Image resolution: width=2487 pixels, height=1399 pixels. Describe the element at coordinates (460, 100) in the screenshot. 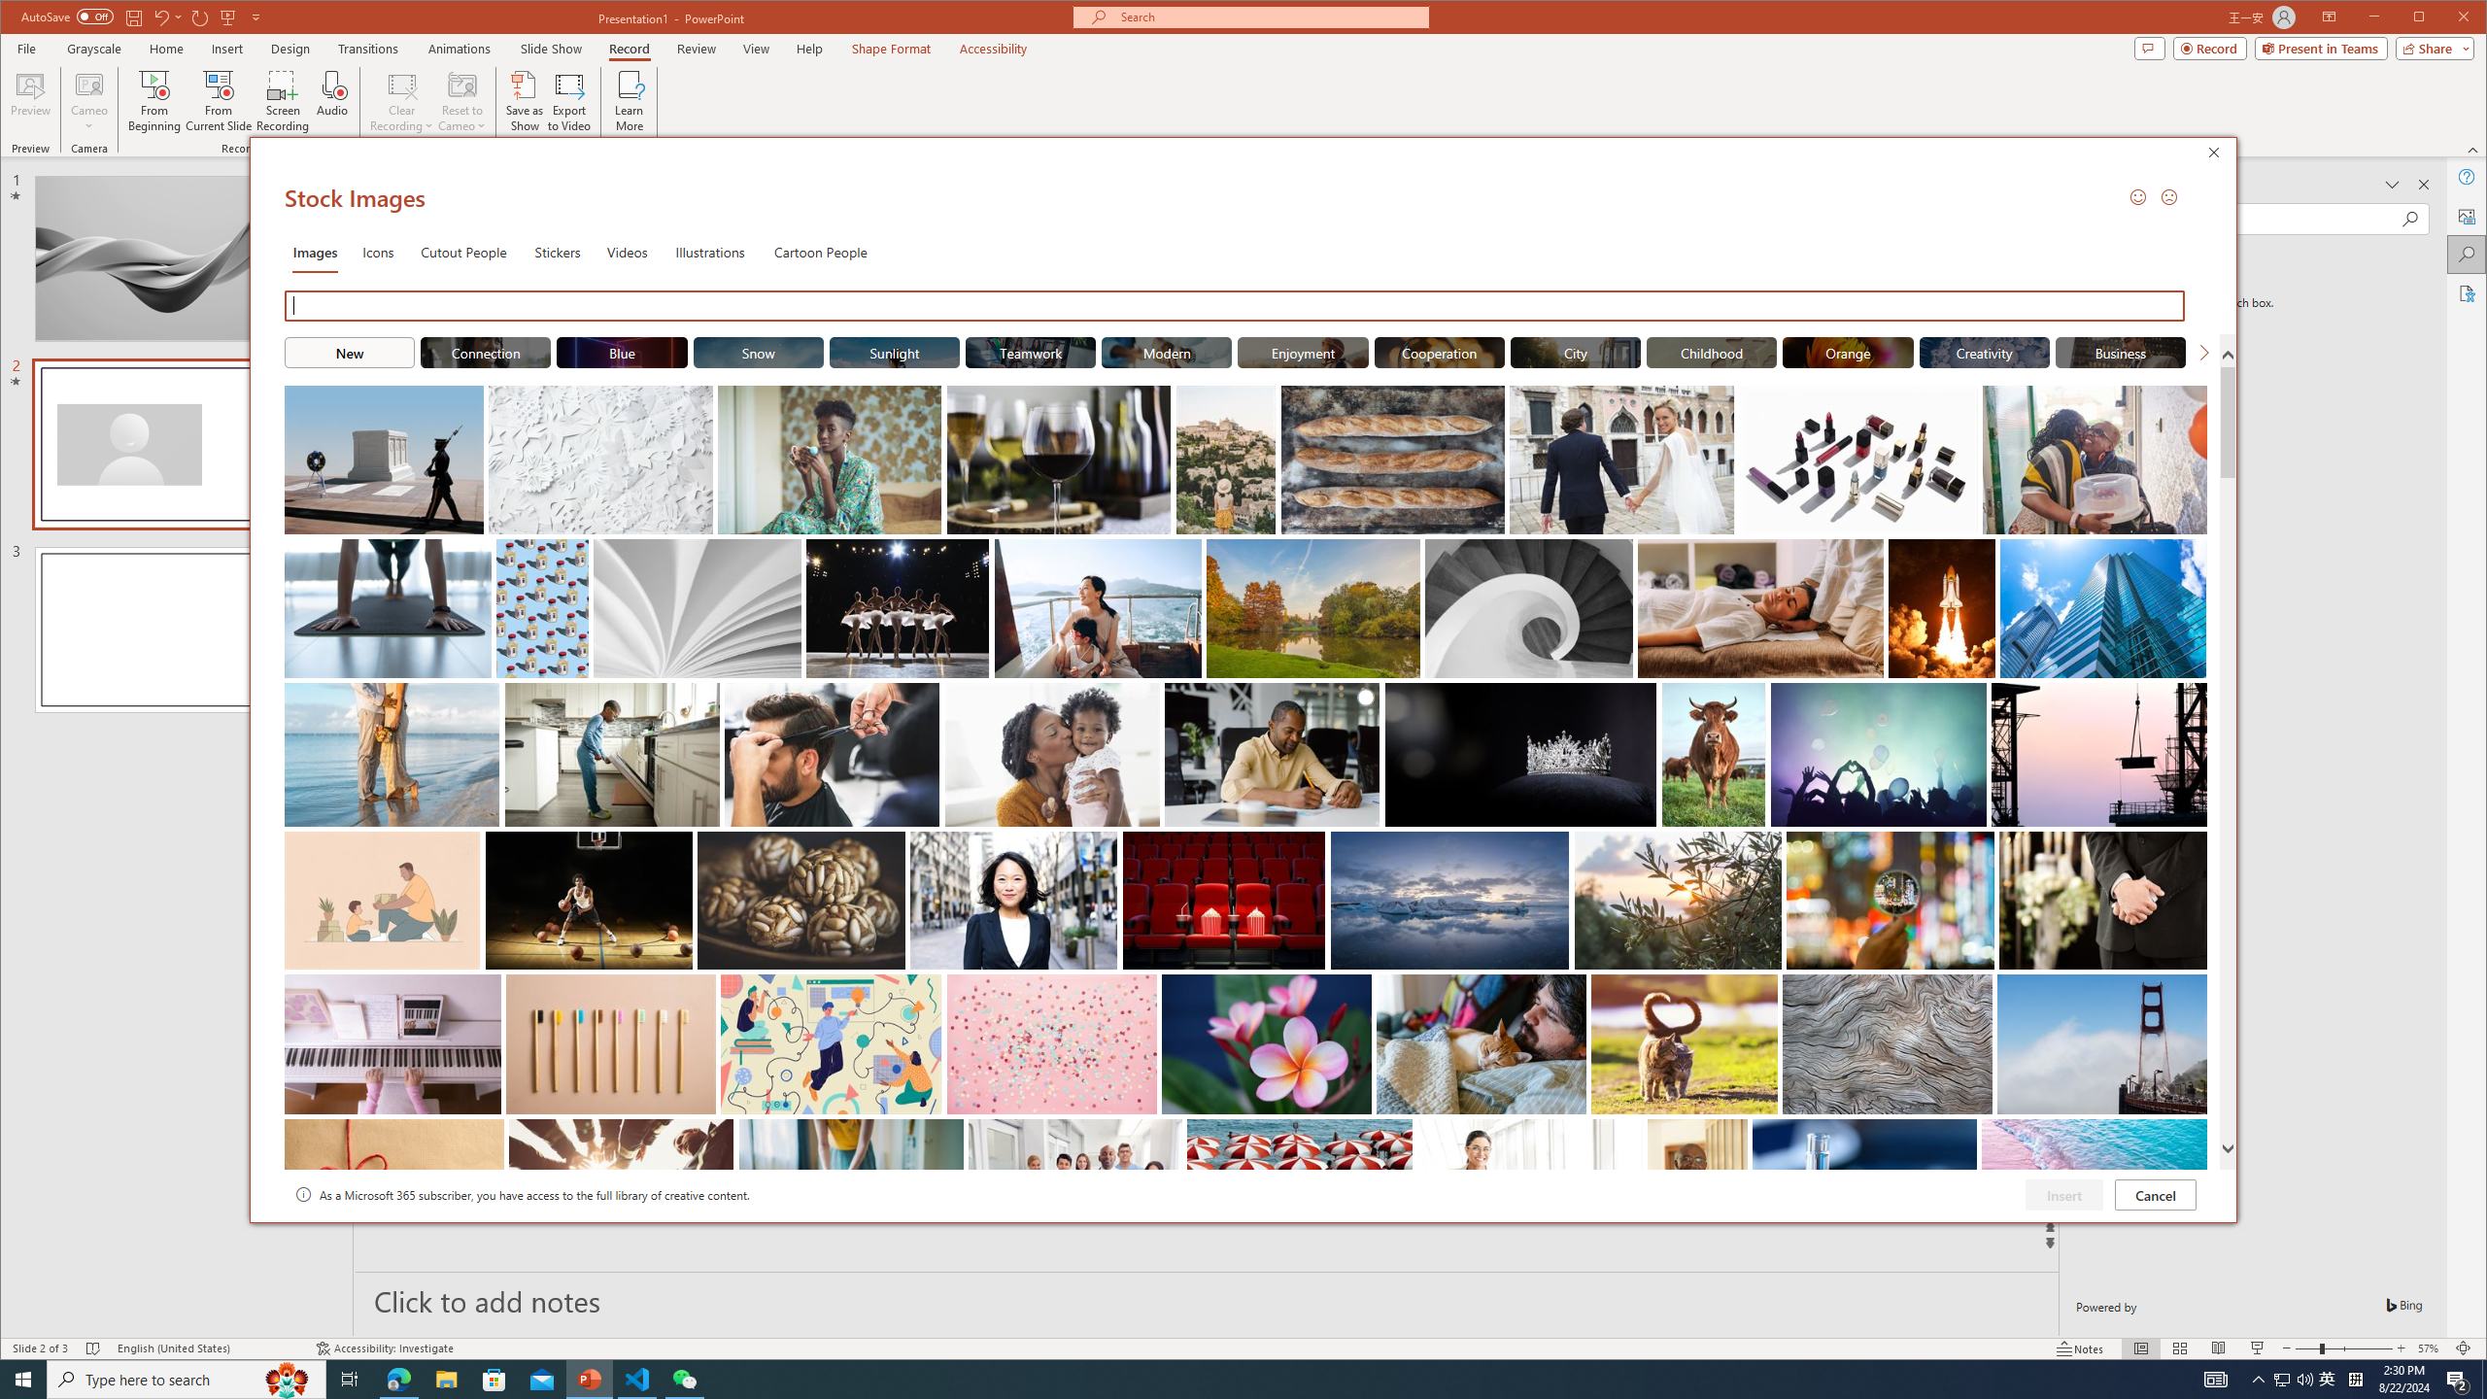

I see `'Reset to Cameo'` at that location.